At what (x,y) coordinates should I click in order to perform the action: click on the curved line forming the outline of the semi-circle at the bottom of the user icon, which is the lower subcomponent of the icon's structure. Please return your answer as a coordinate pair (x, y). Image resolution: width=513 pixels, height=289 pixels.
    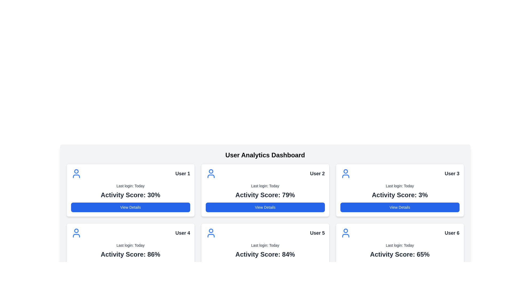
    Looking at the image, I should click on (76, 176).